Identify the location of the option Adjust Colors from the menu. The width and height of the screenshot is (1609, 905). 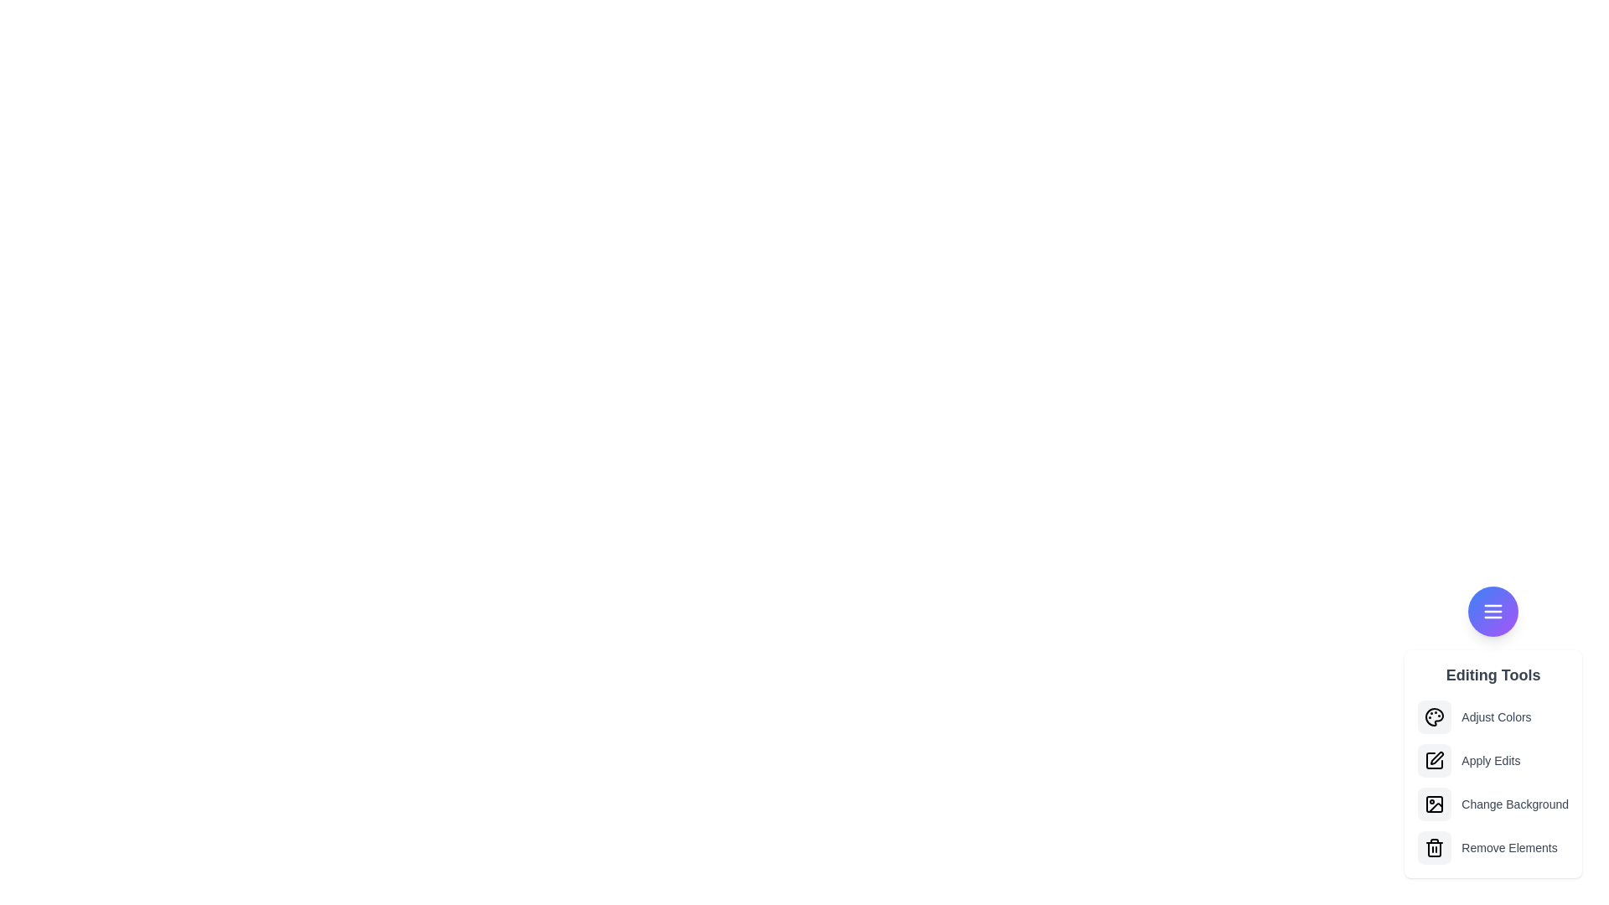
(1434, 716).